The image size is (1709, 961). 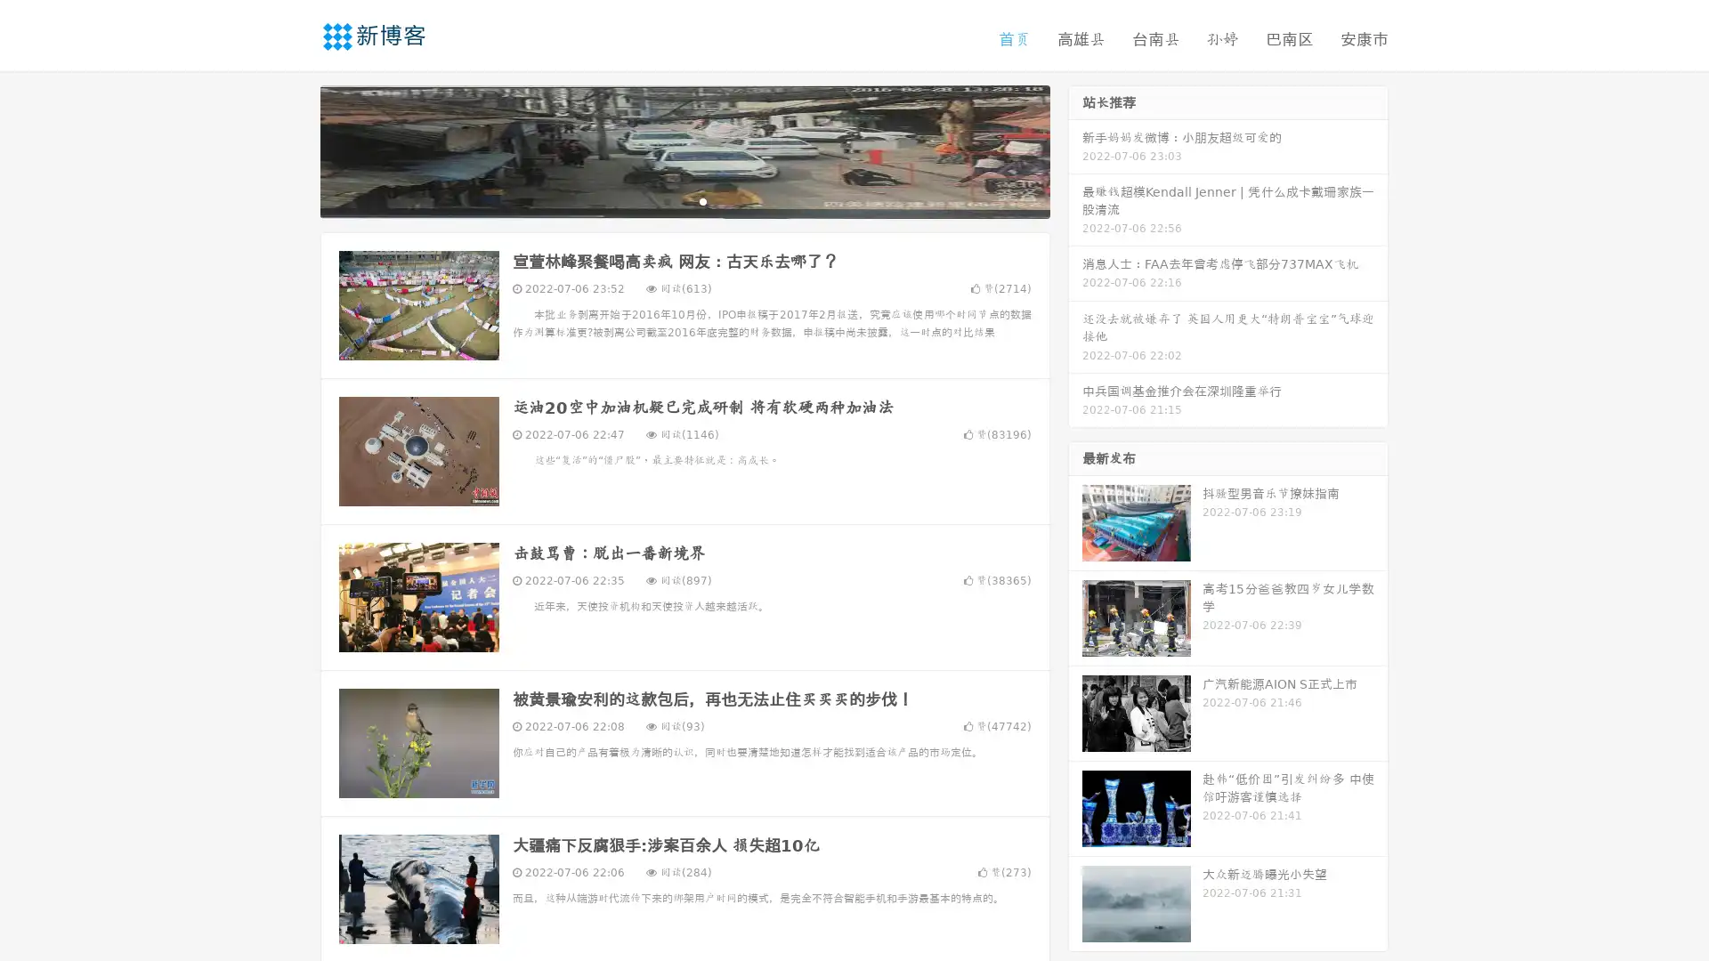 What do you see at coordinates (666, 200) in the screenshot?
I see `Go to slide 1` at bounding box center [666, 200].